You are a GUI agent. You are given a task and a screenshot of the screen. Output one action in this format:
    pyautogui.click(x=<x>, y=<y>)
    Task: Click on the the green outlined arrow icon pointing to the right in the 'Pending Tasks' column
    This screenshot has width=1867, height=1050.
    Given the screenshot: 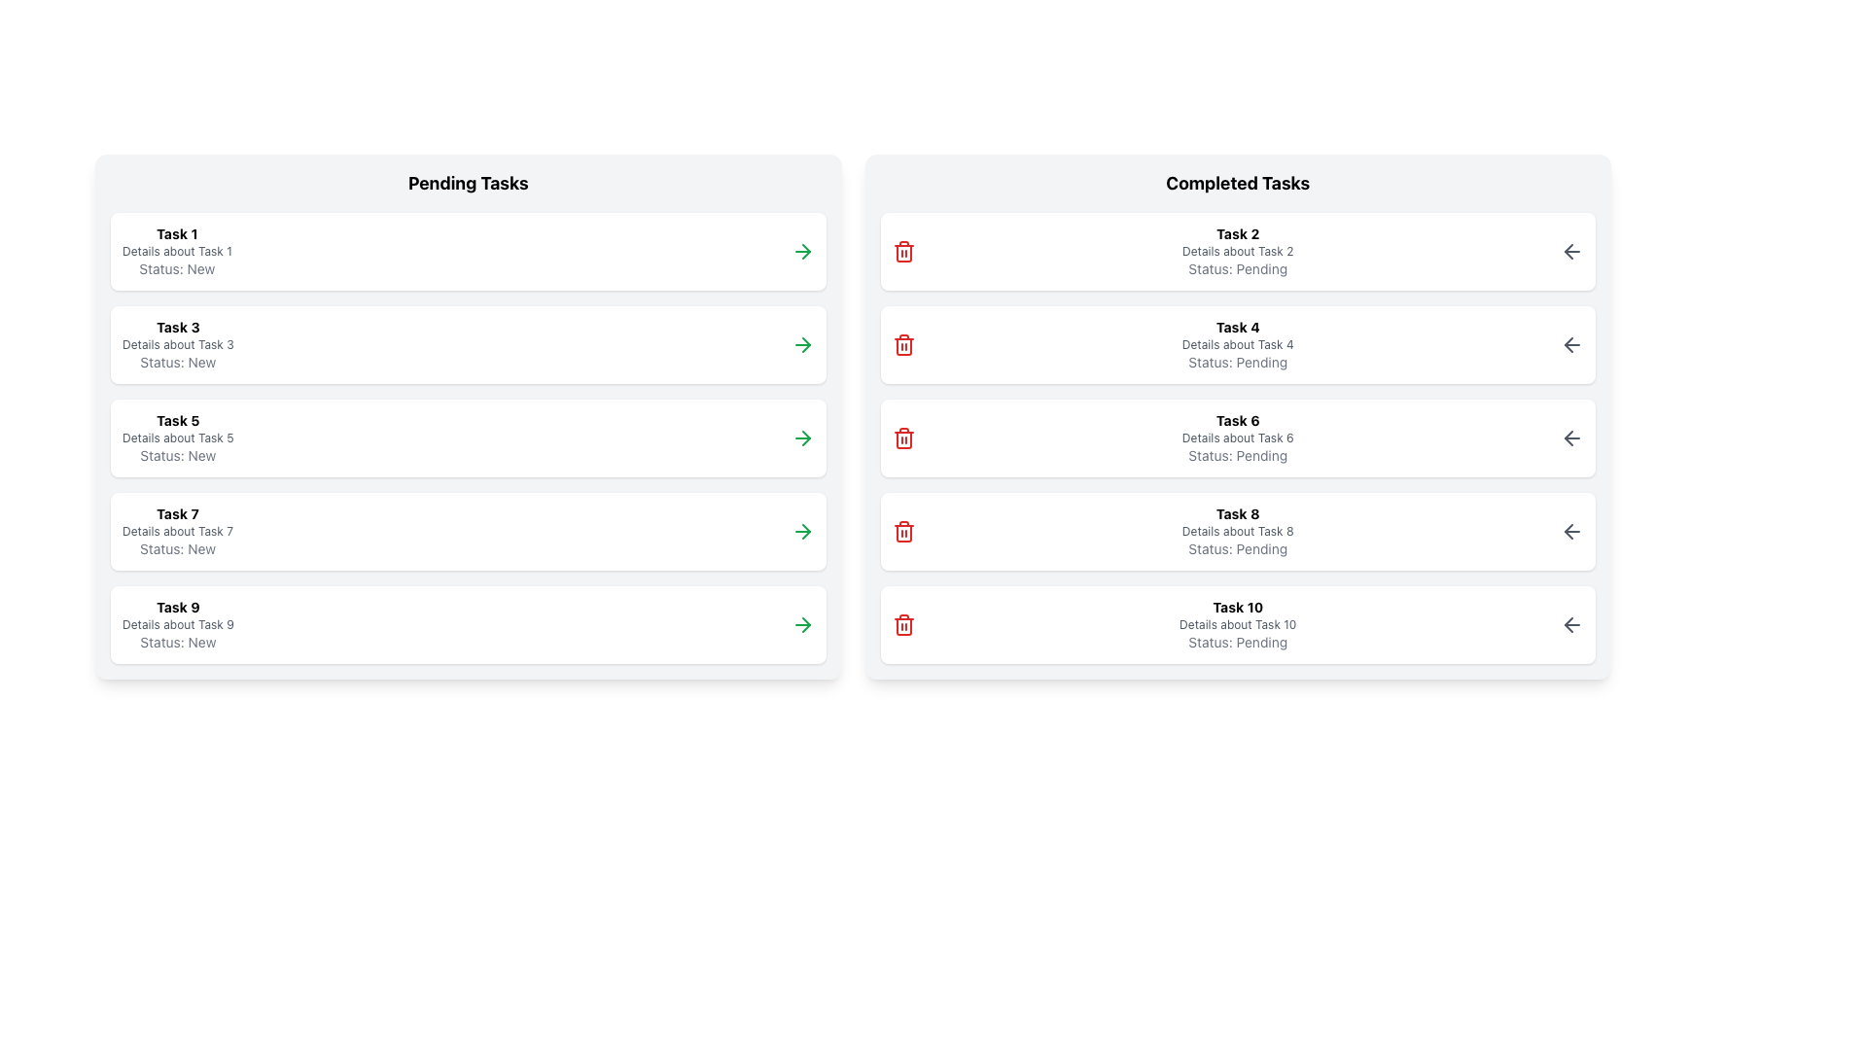 What is the action you would take?
    pyautogui.click(x=806, y=343)
    